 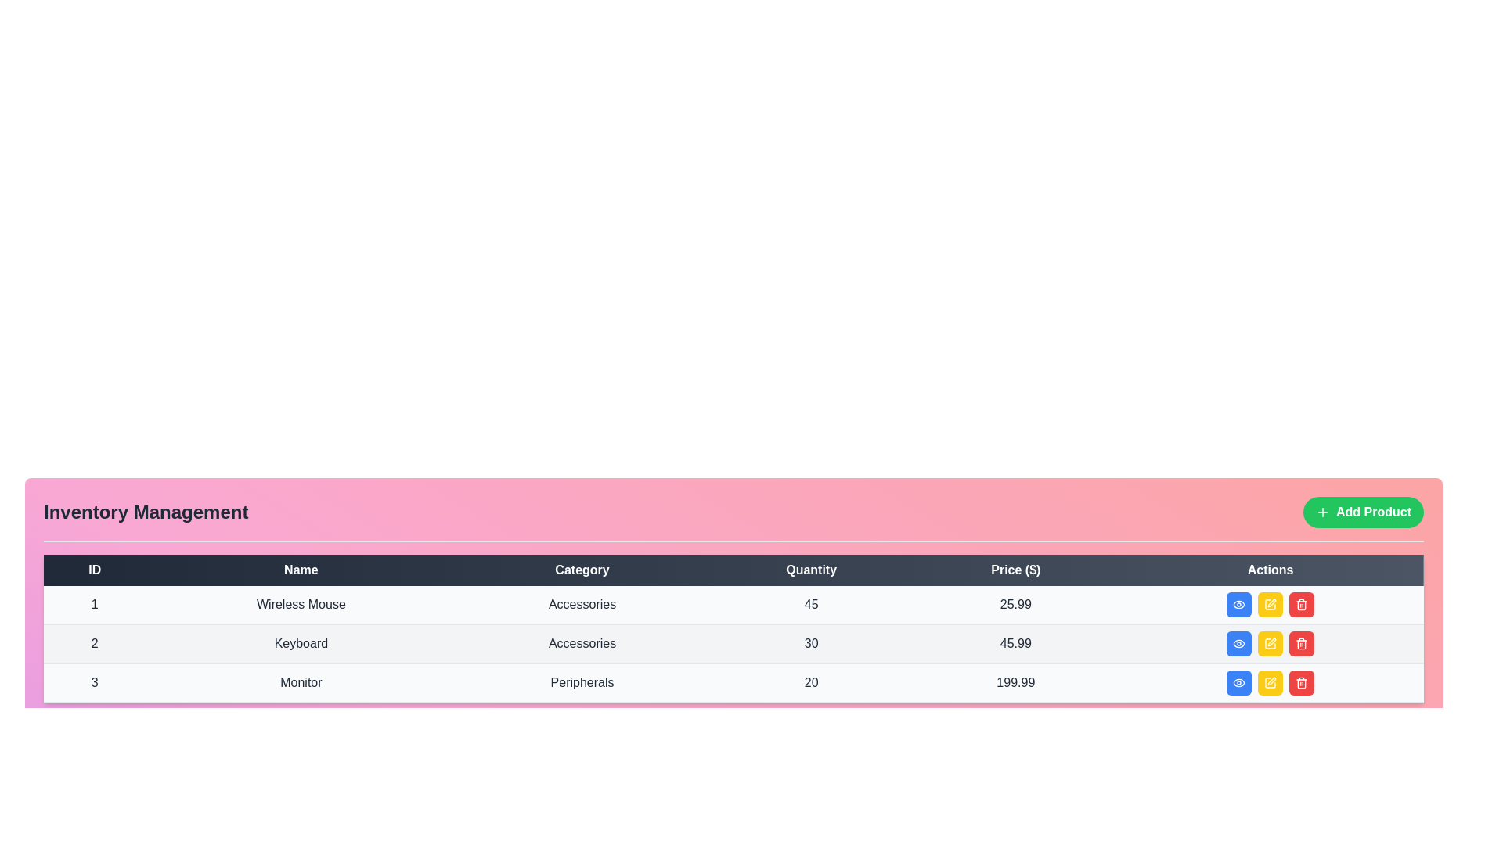 I want to click on the trash can icon representing the delete action in the 'Actions' column of the third row under the Inventory Management header, so click(x=1302, y=683).